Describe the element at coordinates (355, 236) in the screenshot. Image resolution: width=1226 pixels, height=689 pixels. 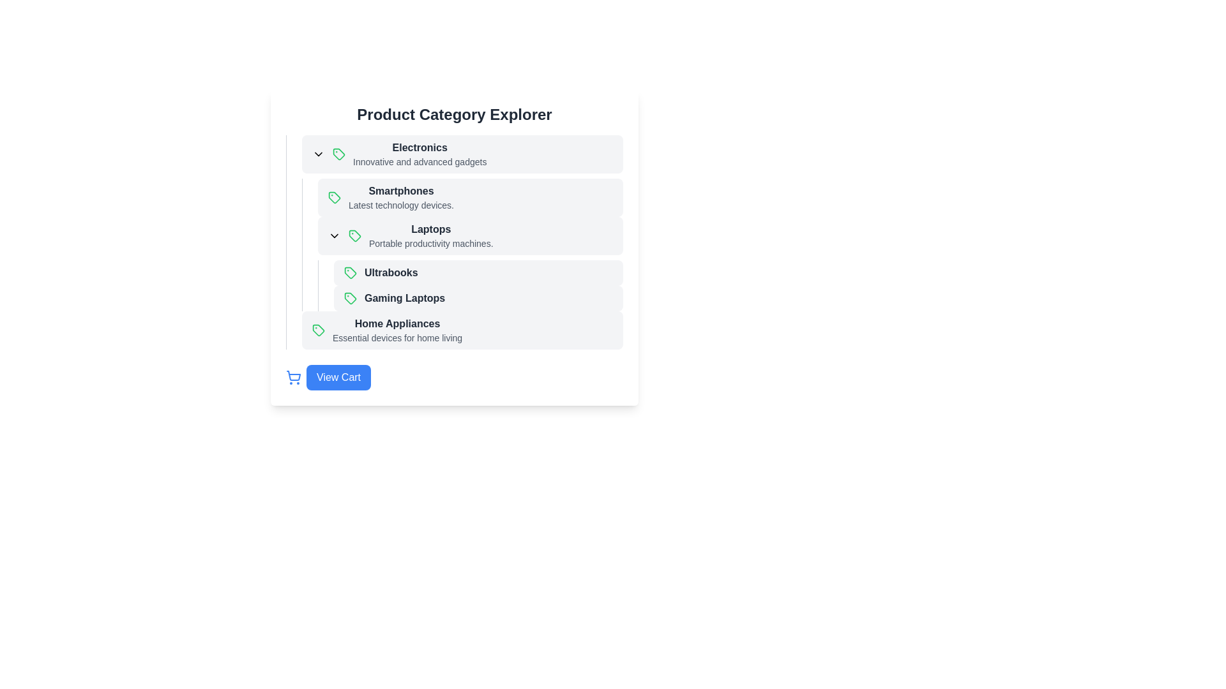
I see `the first icon on the left side of the entry labeled 'Laptops' within the list of categories` at that location.